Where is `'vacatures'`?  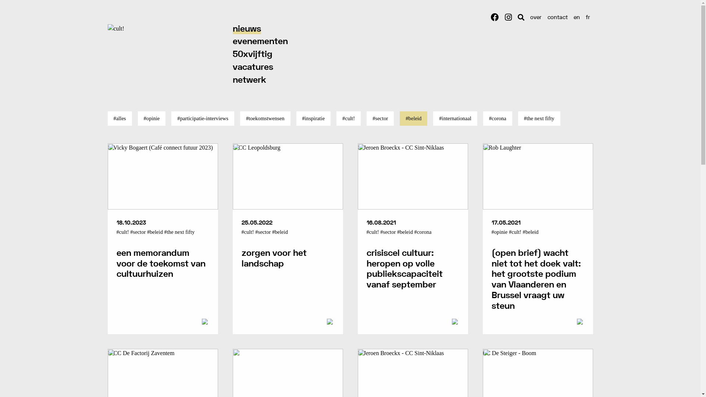
'vacatures' is located at coordinates (252, 67).